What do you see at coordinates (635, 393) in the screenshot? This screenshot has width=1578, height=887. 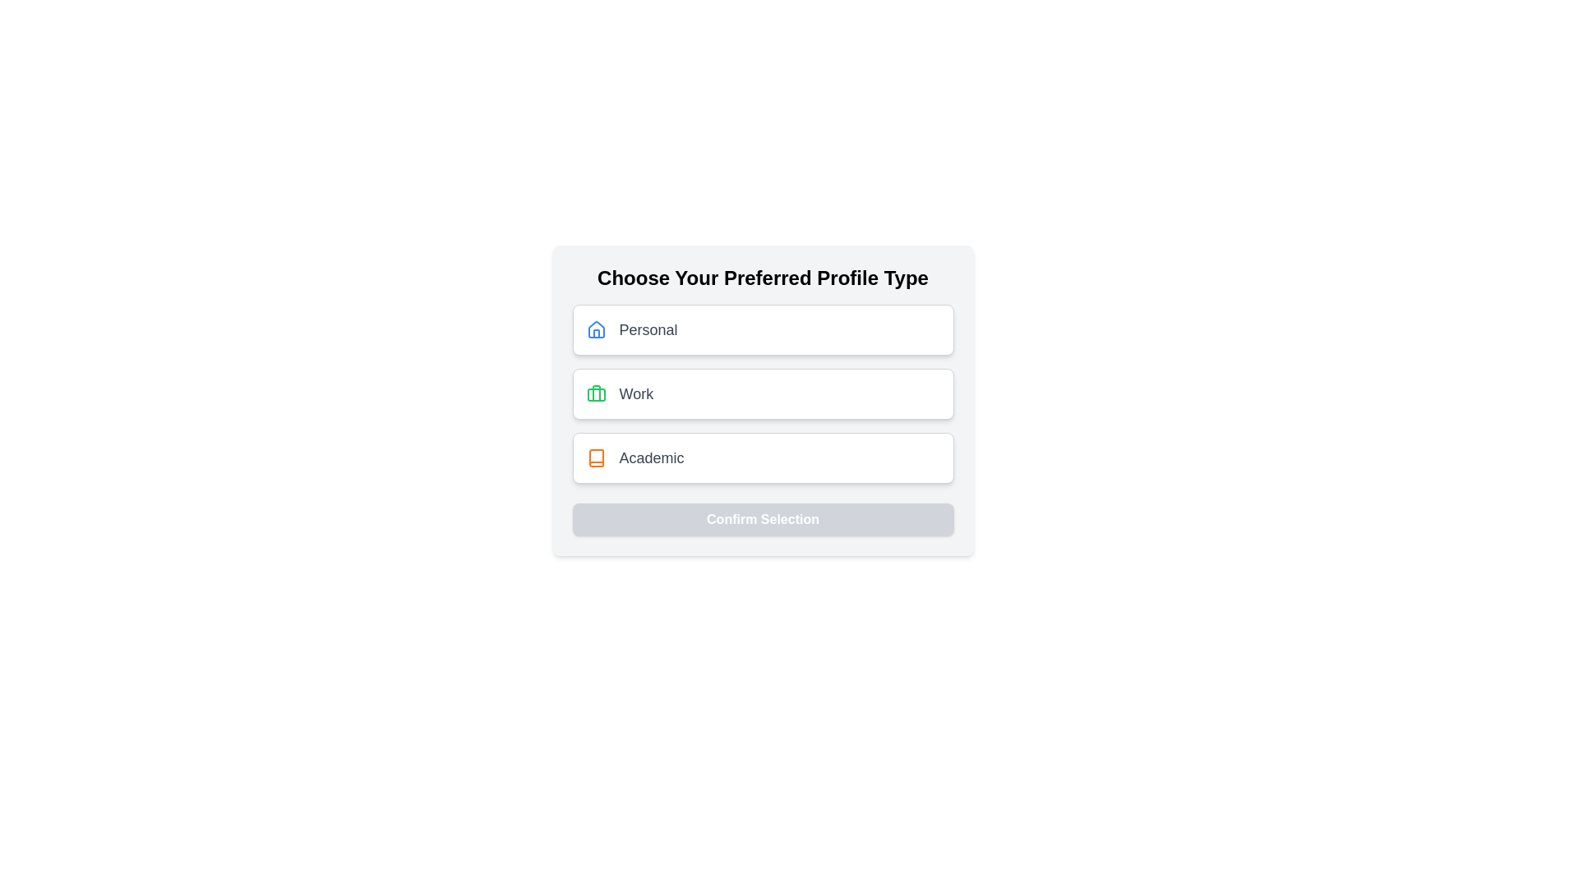 I see `the static text label that describes the associated option 'Work' in the selection process` at bounding box center [635, 393].